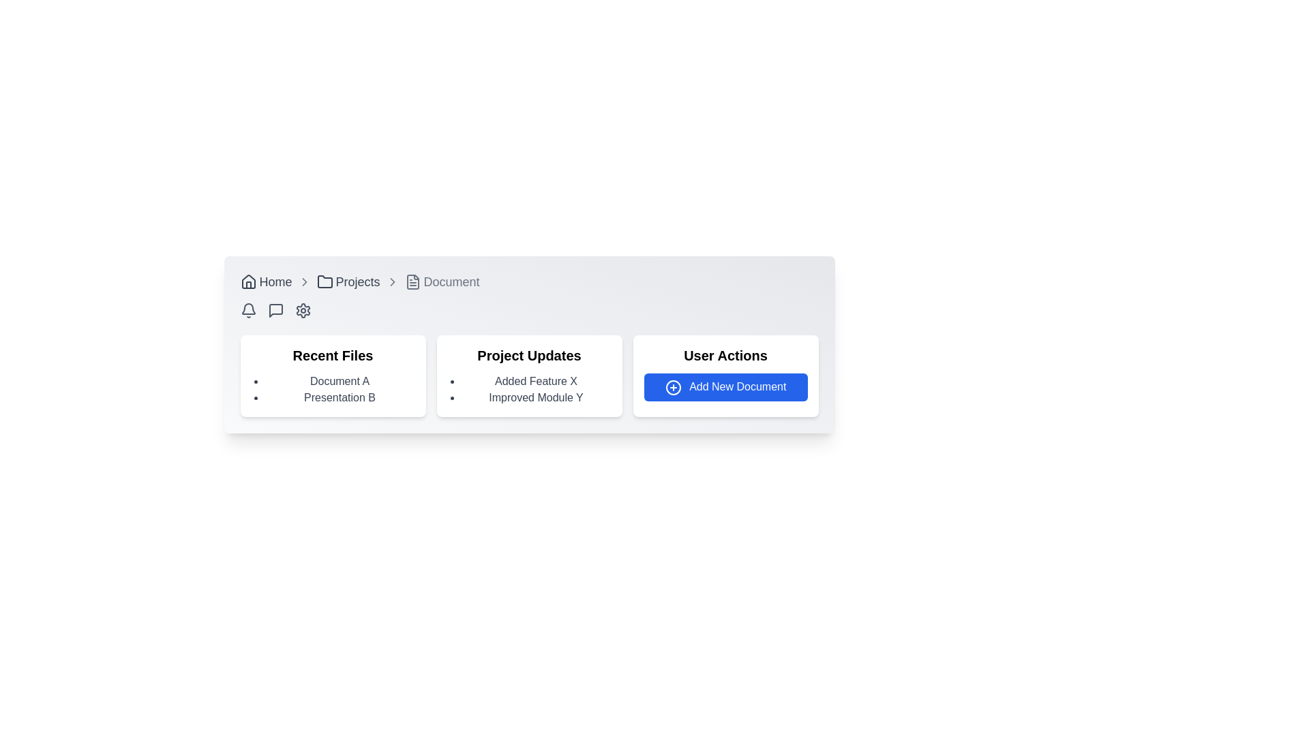 The image size is (1309, 736). What do you see at coordinates (412, 281) in the screenshot?
I see `the 'Document' icon in the breadcrumb trail located in the top navigation bar, which helps users identify or navigate to the document-related section` at bounding box center [412, 281].